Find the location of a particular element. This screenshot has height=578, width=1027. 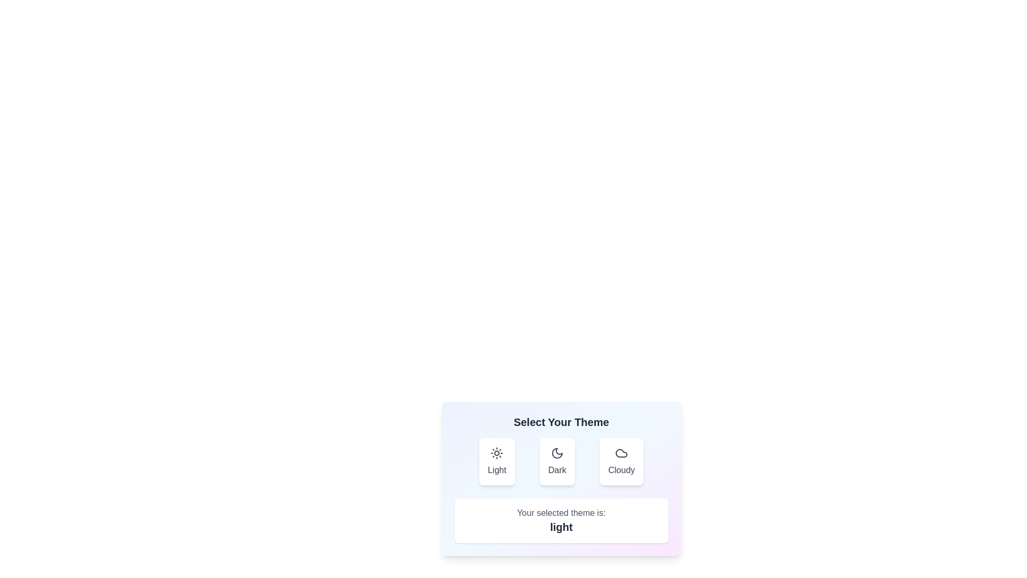

the first button in the theme selection dialog to choose the 'Light' theme is located at coordinates (496, 461).